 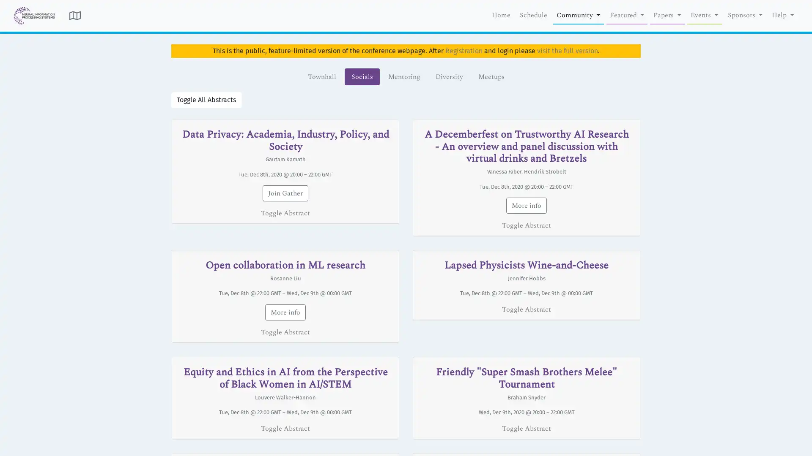 I want to click on More info, so click(x=526, y=205).